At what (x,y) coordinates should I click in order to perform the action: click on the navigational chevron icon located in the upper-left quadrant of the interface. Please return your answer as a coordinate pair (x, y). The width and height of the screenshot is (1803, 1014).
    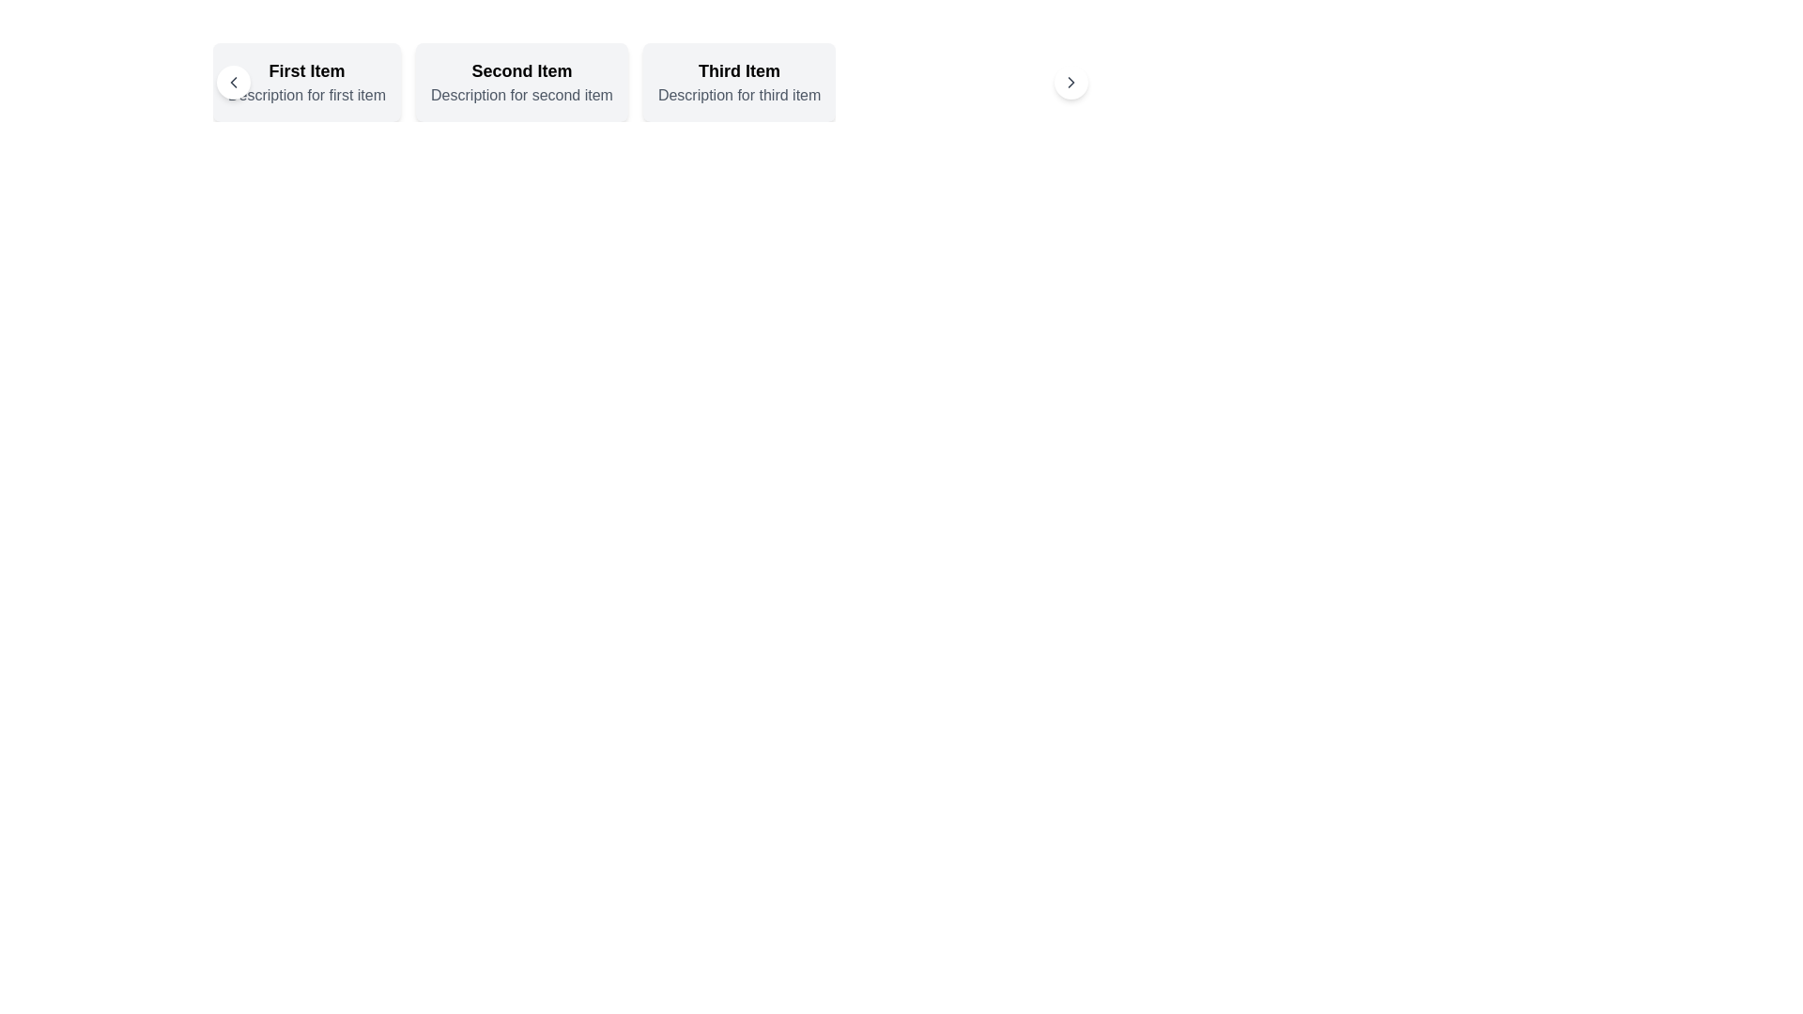
    Looking at the image, I should click on (233, 82).